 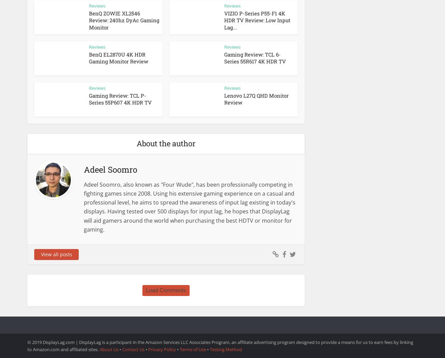 What do you see at coordinates (220, 345) in the screenshot?
I see `'© 2019 DisplayLag.com | DisplayLag is a participant in the Amazon Services LLC Associates Program, an affiliate advertising program designed to provide a means for us to earn fees by linking to Amazon.com and affiliated sites.'` at bounding box center [220, 345].